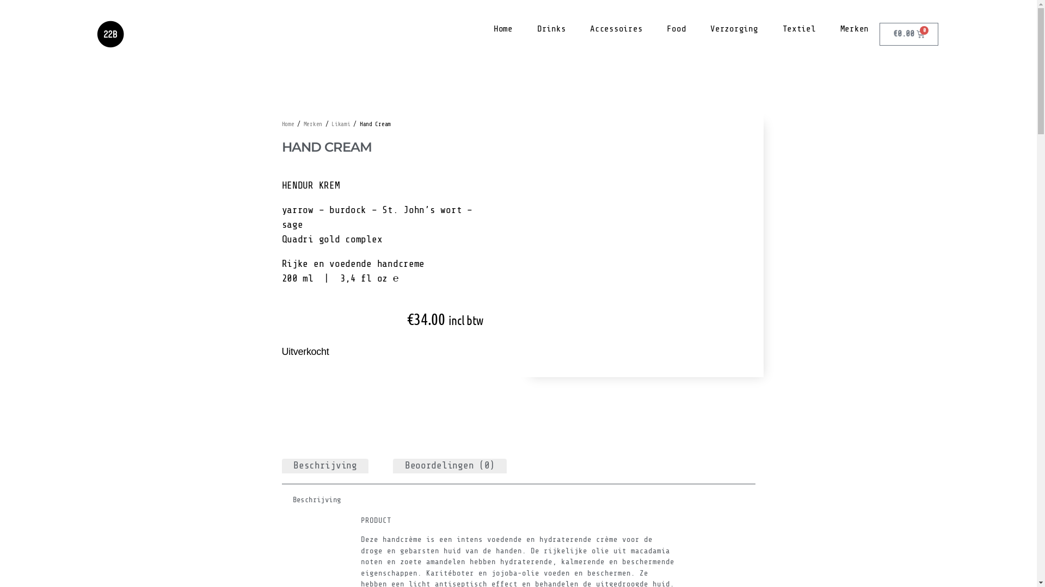 This screenshot has height=587, width=1045. What do you see at coordinates (799, 28) in the screenshot?
I see `'Textiel'` at bounding box center [799, 28].